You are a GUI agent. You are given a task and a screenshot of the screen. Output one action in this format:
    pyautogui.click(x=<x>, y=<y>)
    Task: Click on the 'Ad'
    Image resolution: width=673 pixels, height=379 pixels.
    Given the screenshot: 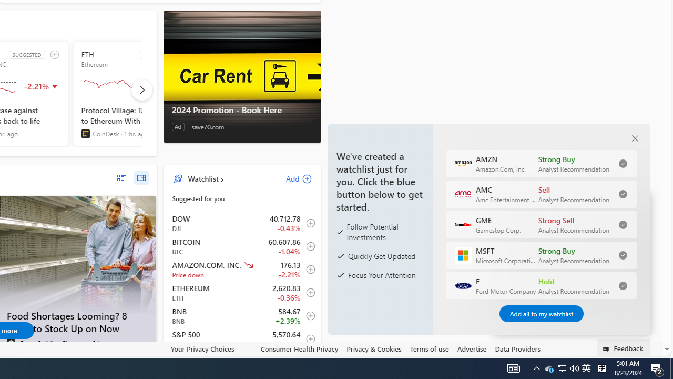 What is the action you would take?
    pyautogui.click(x=178, y=126)
    